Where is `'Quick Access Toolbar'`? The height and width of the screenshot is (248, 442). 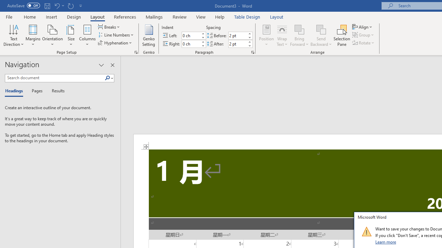
'Quick Access Toolbar' is located at coordinates (45, 6).